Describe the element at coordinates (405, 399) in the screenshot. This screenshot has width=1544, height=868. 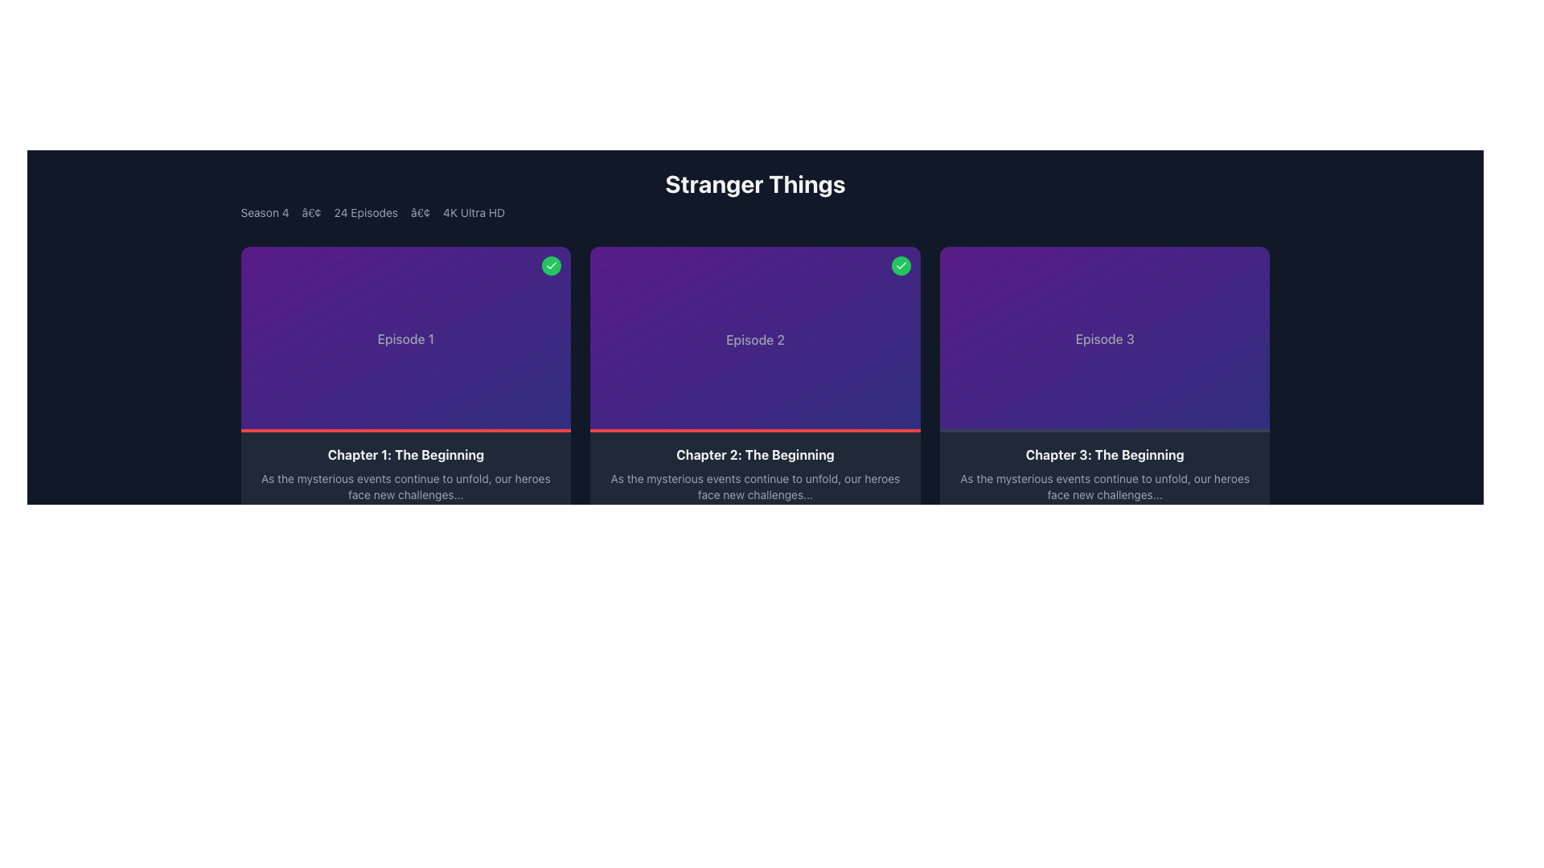
I see `the first episode card` at that location.